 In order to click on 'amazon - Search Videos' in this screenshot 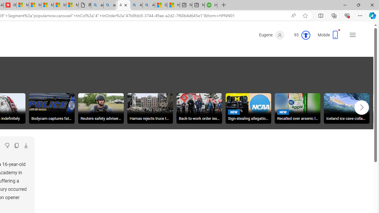, I will do `click(109, 5)`.